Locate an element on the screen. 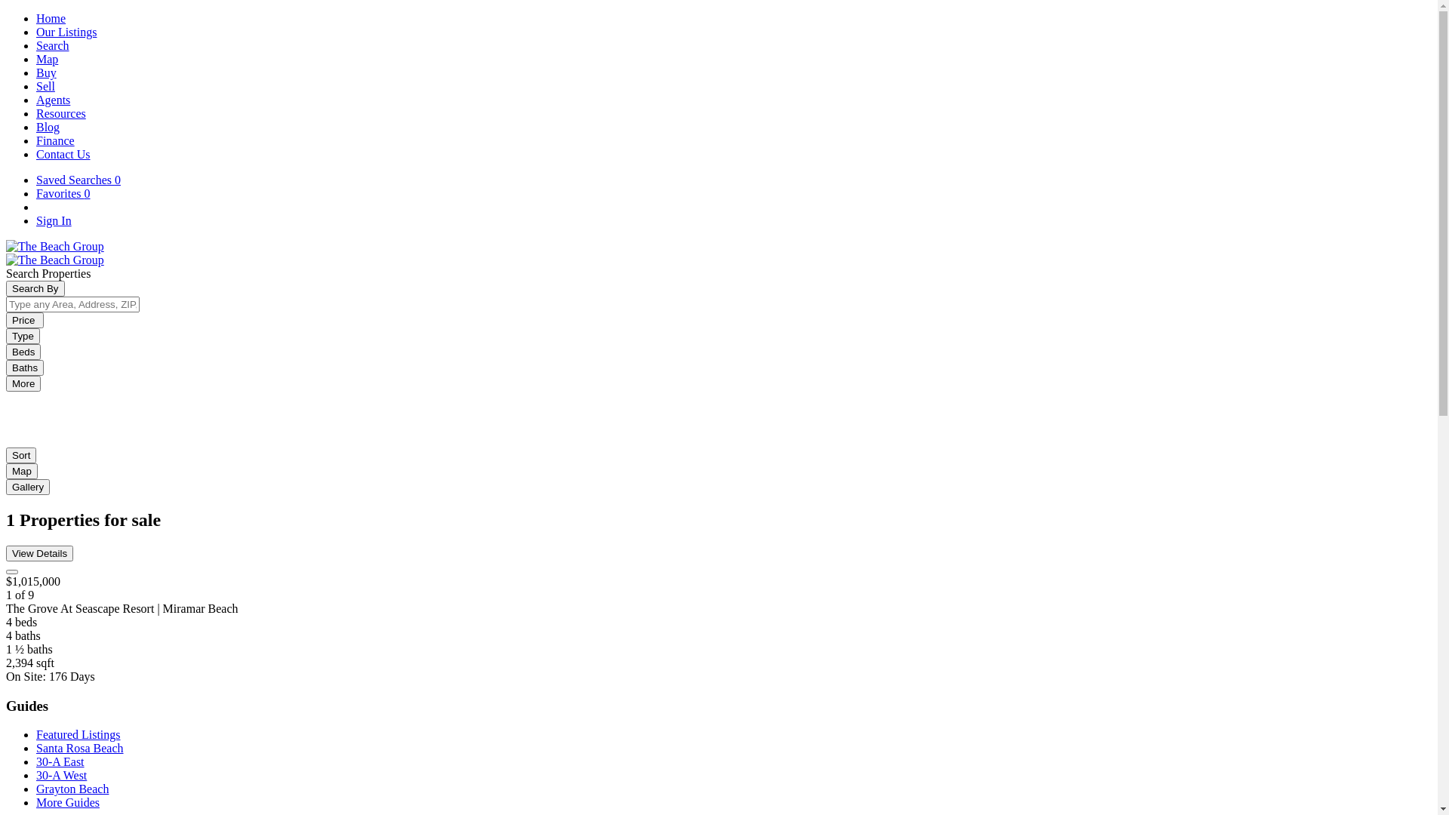 The width and height of the screenshot is (1449, 815). 'Map' is located at coordinates (47, 58).